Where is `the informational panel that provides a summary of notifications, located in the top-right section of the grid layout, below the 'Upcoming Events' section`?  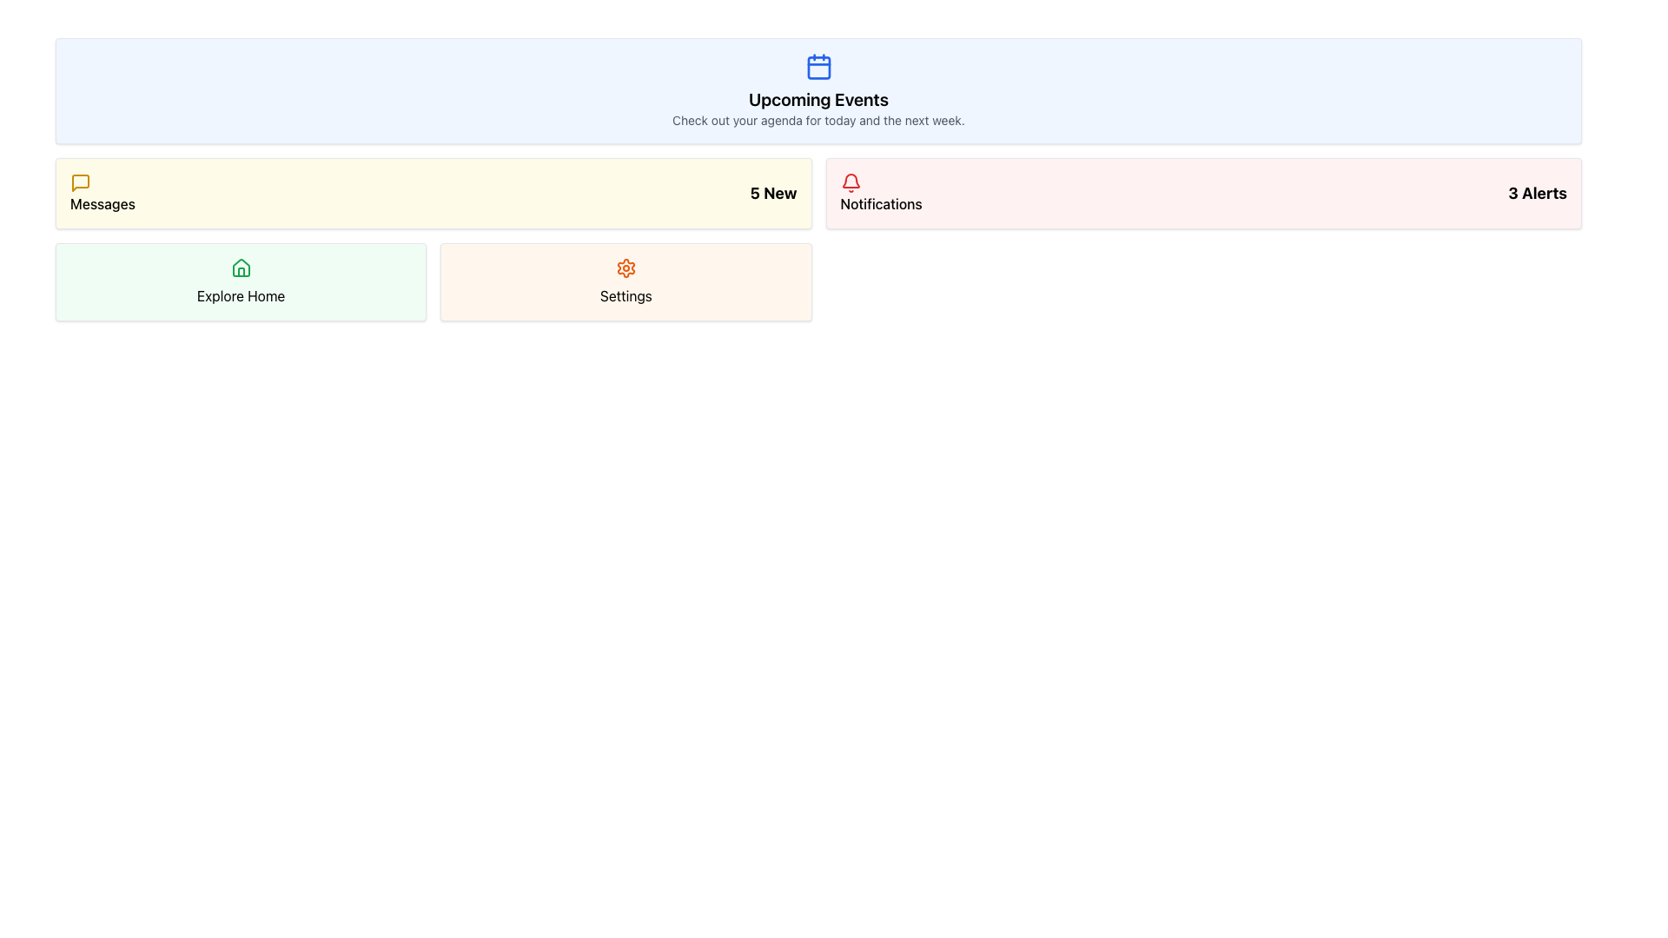
the informational panel that provides a summary of notifications, located in the top-right section of the grid layout, below the 'Upcoming Events' section is located at coordinates (1202, 194).